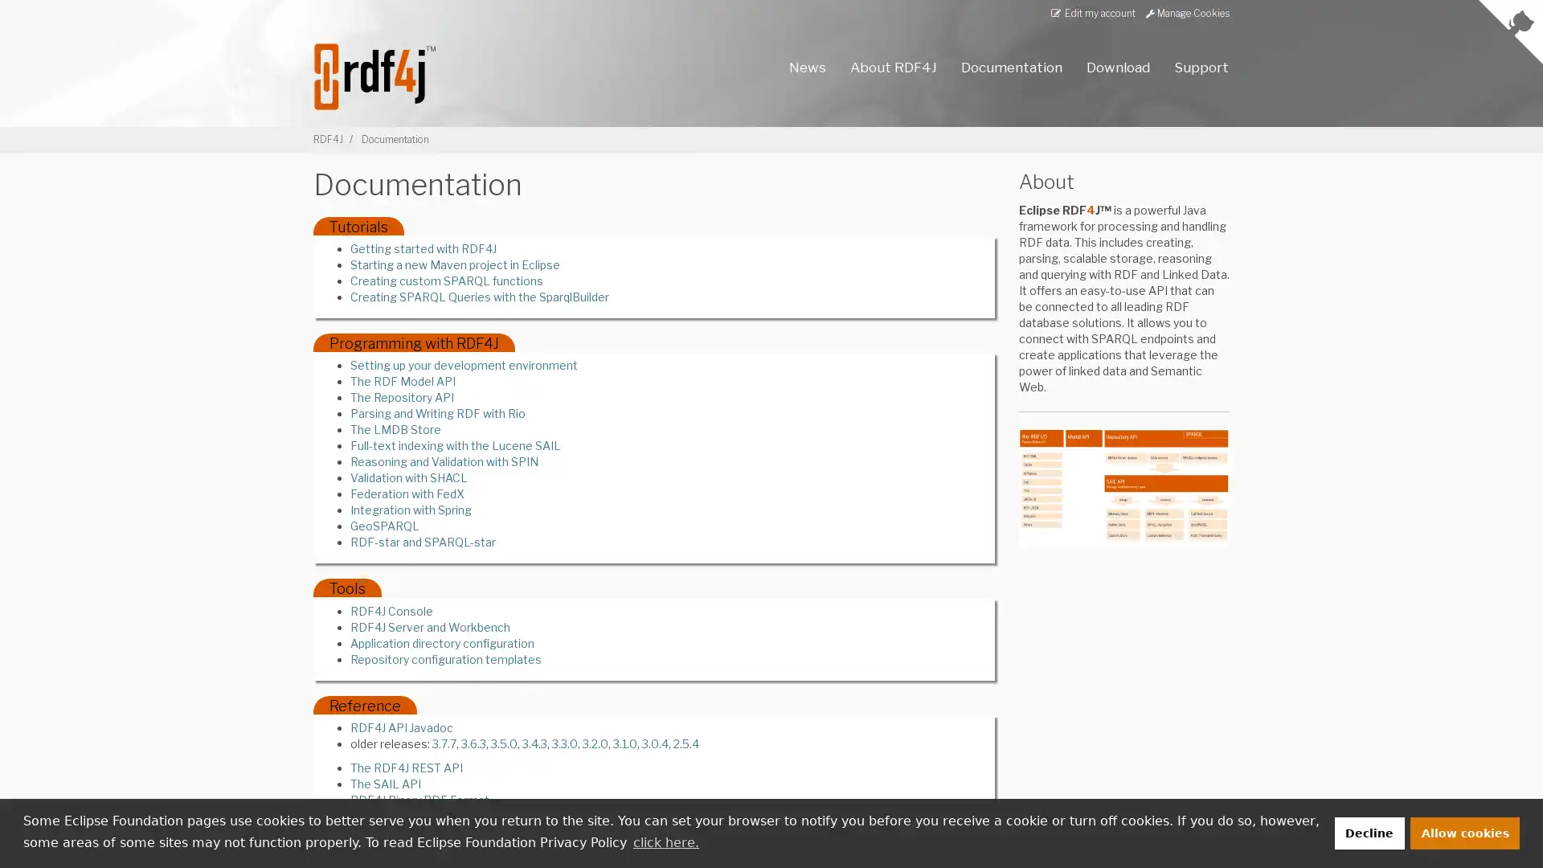 The height and width of the screenshot is (868, 1543). What do you see at coordinates (1465, 832) in the screenshot?
I see `allow cookies` at bounding box center [1465, 832].